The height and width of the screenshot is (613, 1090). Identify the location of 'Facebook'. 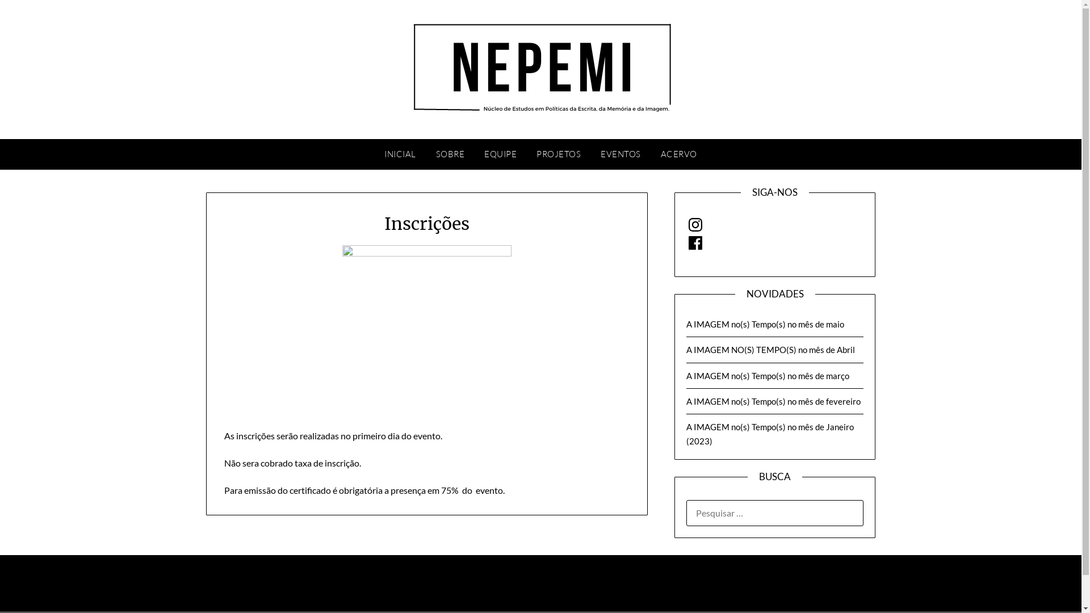
(694, 242).